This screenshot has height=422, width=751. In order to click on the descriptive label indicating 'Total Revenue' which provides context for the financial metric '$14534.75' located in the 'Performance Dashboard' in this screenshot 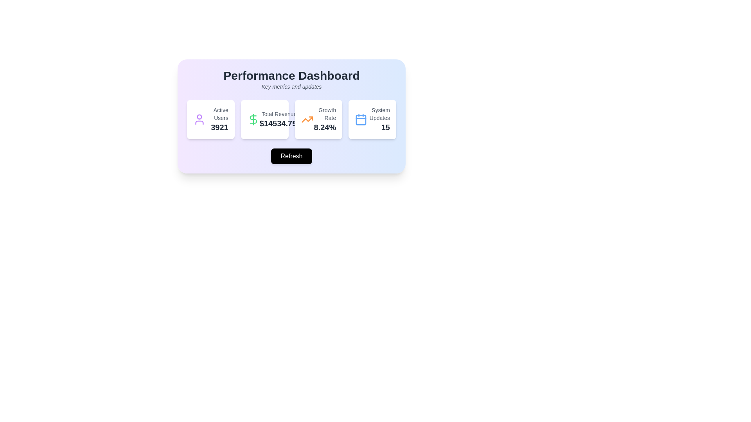, I will do `click(278, 114)`.